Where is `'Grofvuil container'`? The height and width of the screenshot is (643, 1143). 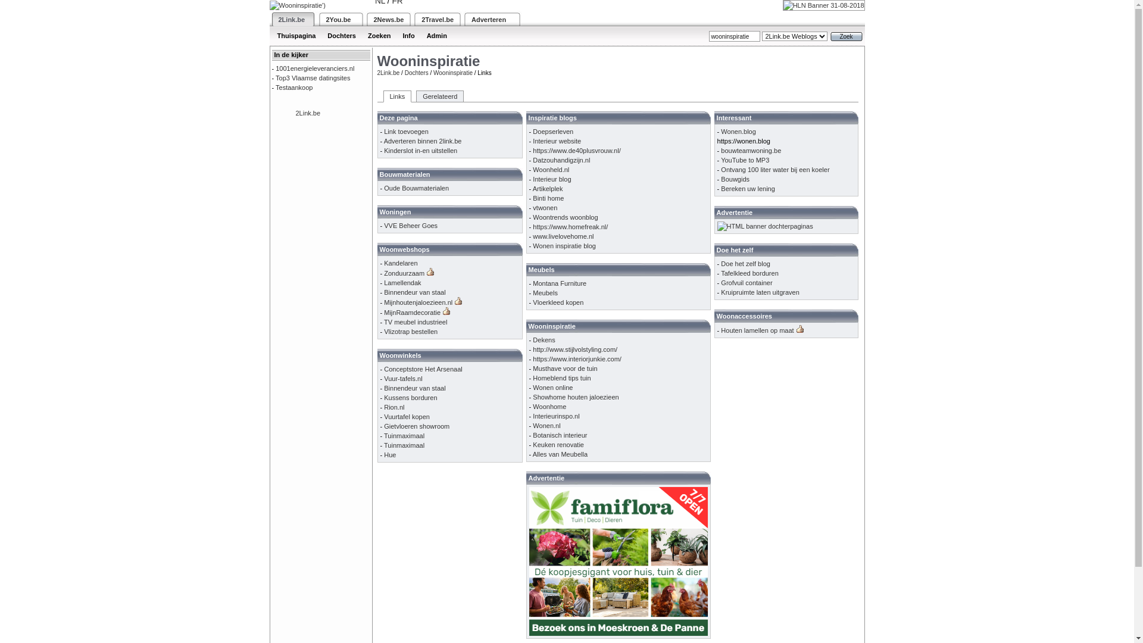 'Grofvuil container' is located at coordinates (745, 282).